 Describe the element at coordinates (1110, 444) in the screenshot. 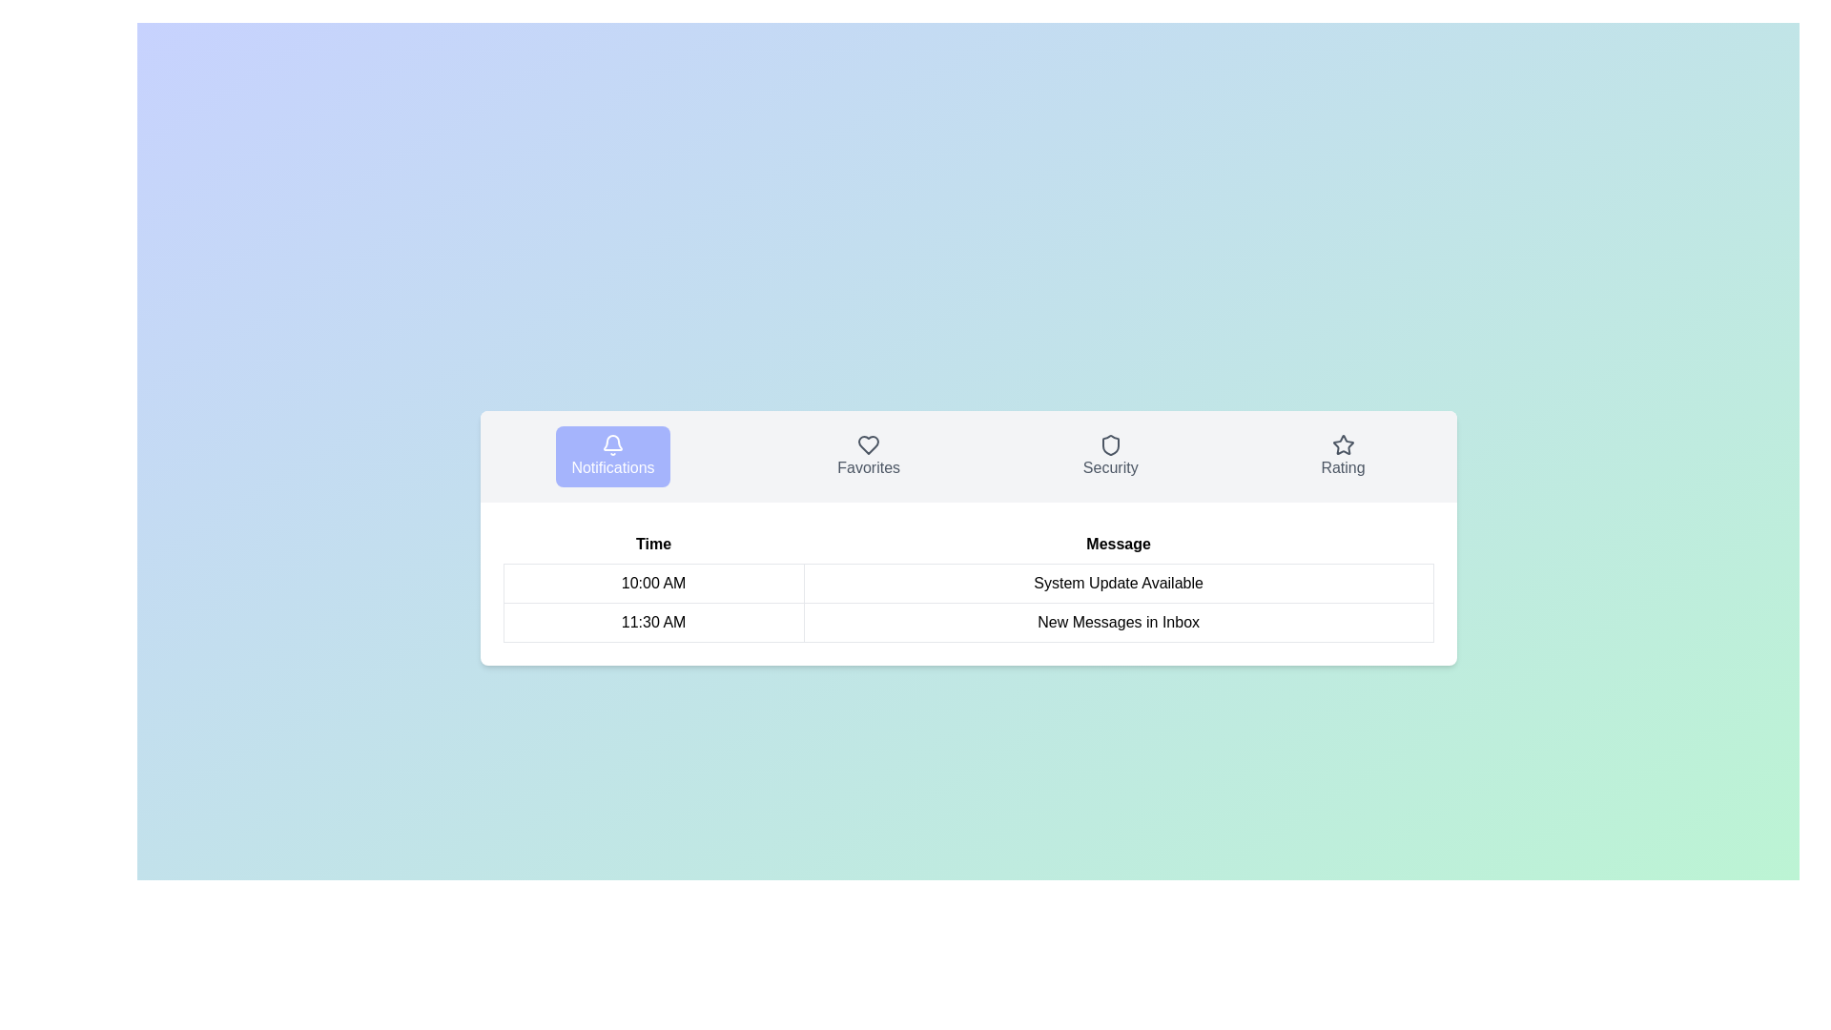

I see `the shield-shaped icon in the 'Security' section of the top navigation bar` at that location.